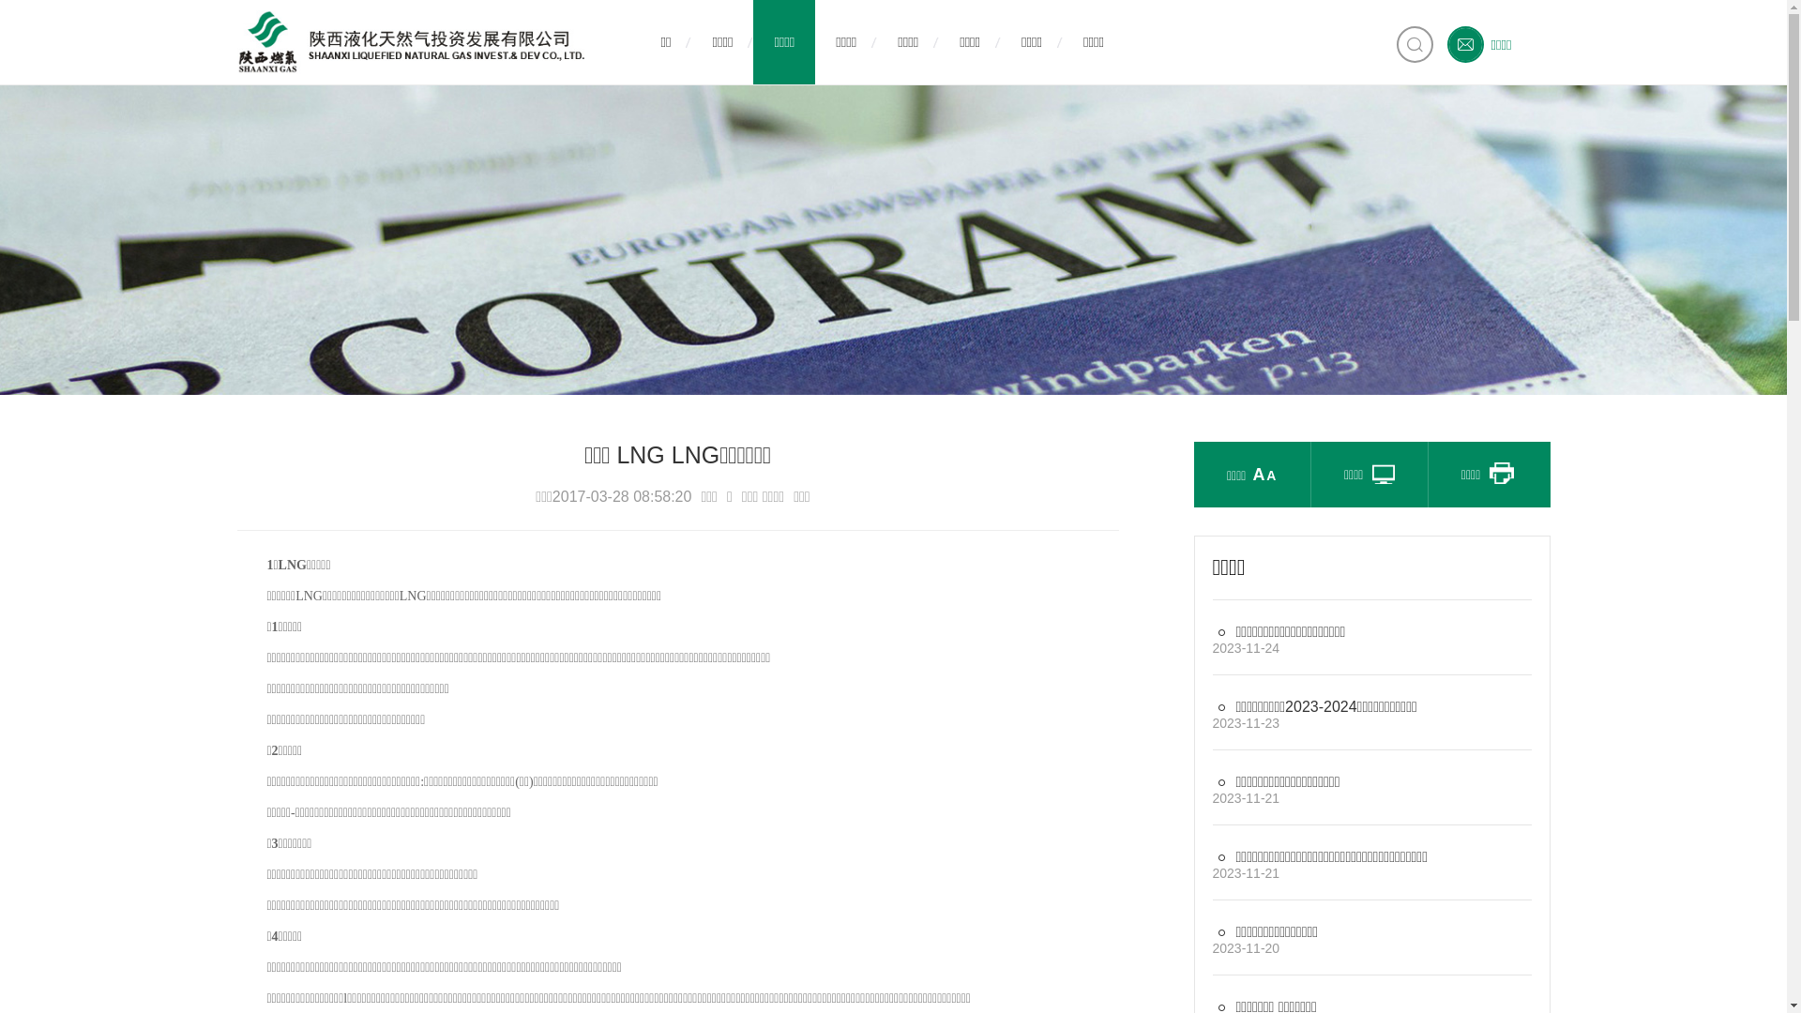 The height and width of the screenshot is (1013, 1801). I want to click on 'A', so click(1270, 449).